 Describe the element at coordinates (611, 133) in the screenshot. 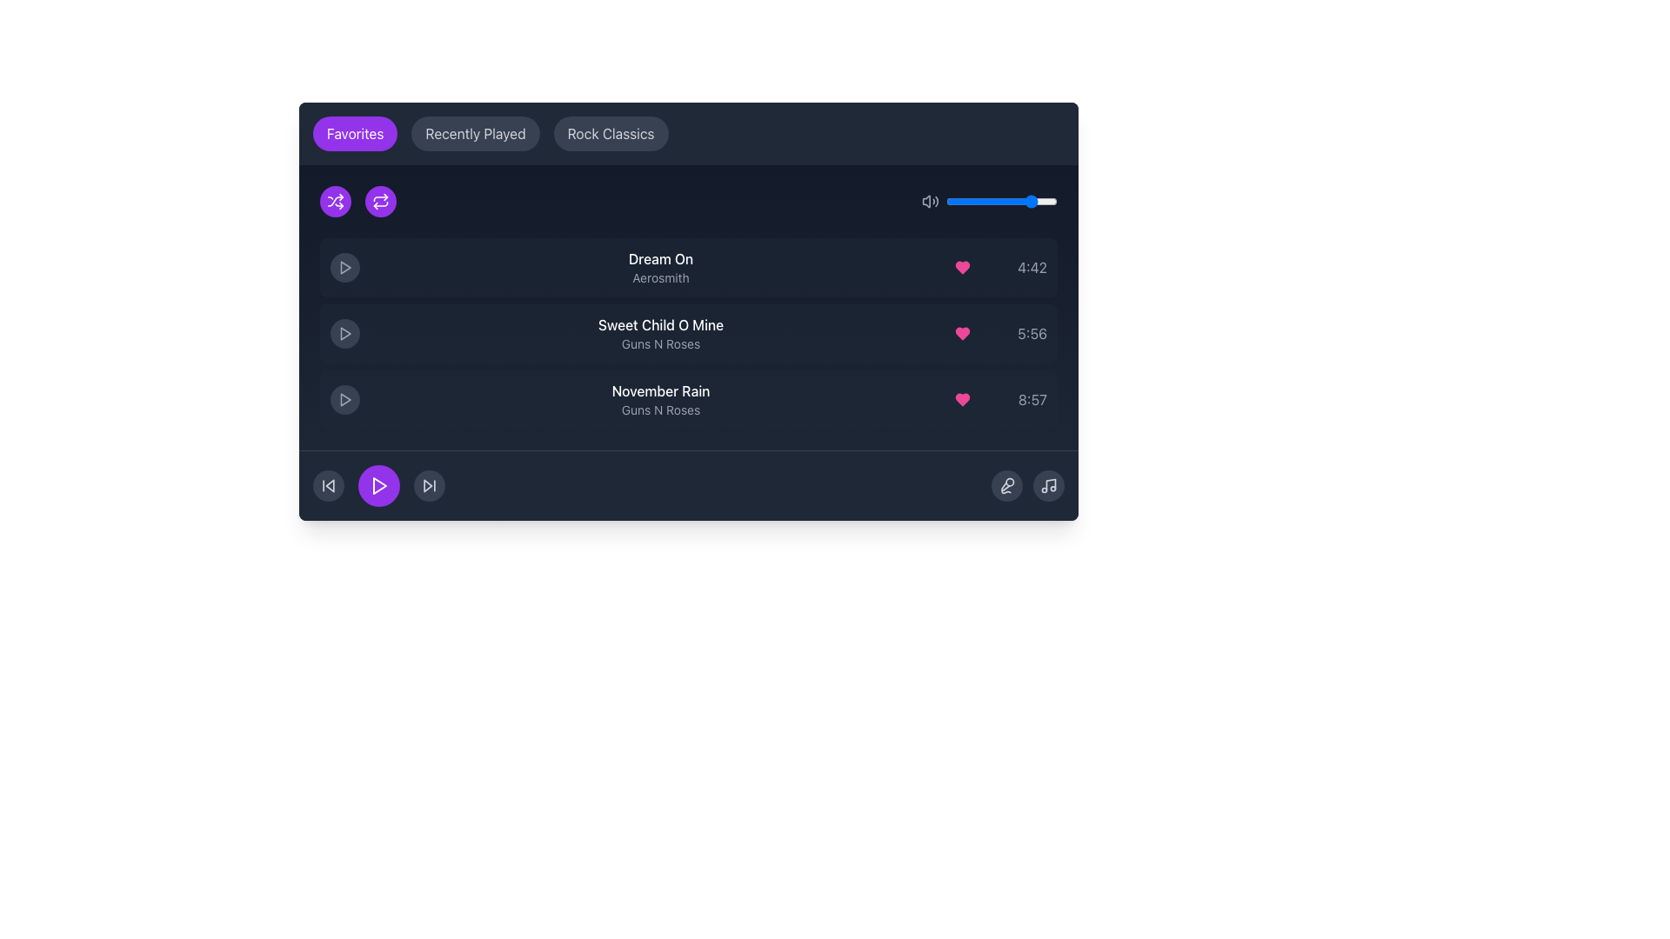

I see `the 'Rock Classics' navigation button, which is the third button in a group, positioned between the 'Recently Played' button and the main content area` at that location.